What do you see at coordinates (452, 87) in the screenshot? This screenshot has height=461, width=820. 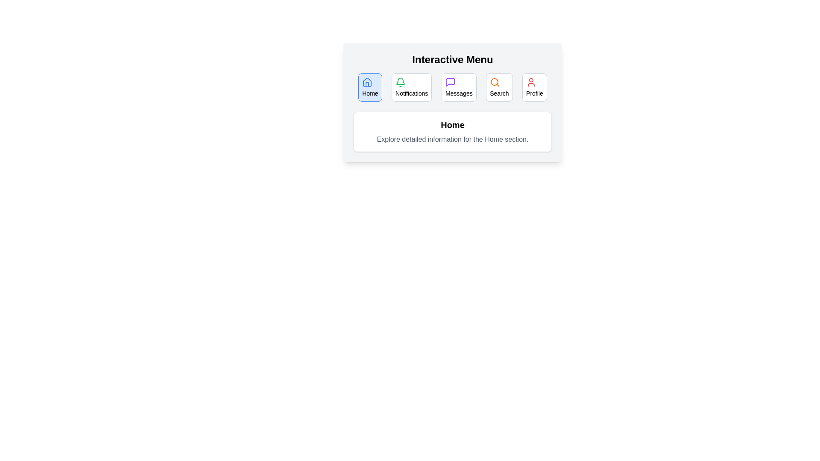 I see `any button in the Navigation menu, which is a group of horizontally aligned interactive buttons located in the second row of the 'Interactive Menu' card component` at bounding box center [452, 87].